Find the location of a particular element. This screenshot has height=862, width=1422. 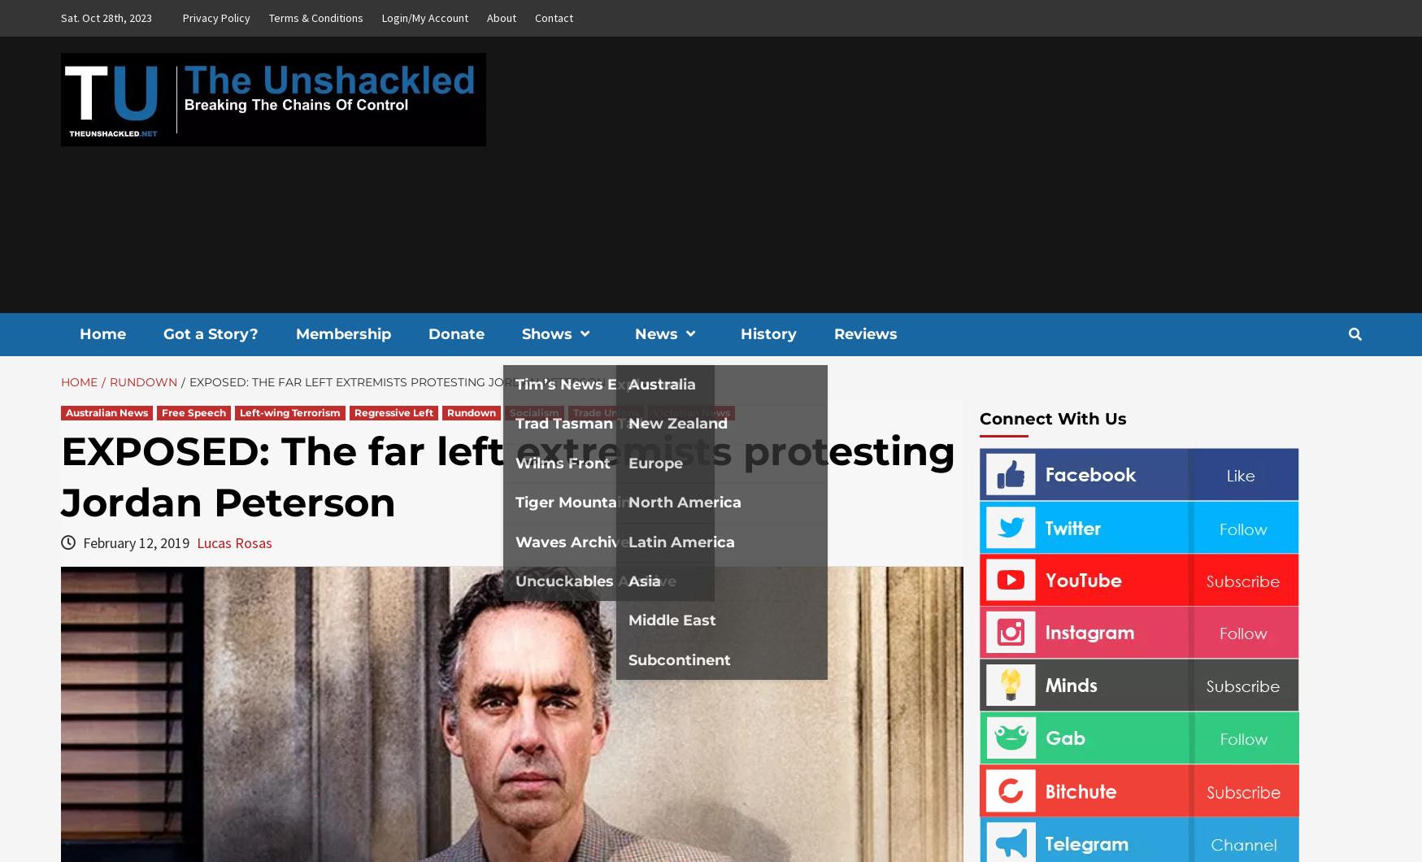

'Free Speech' is located at coordinates (159, 411).